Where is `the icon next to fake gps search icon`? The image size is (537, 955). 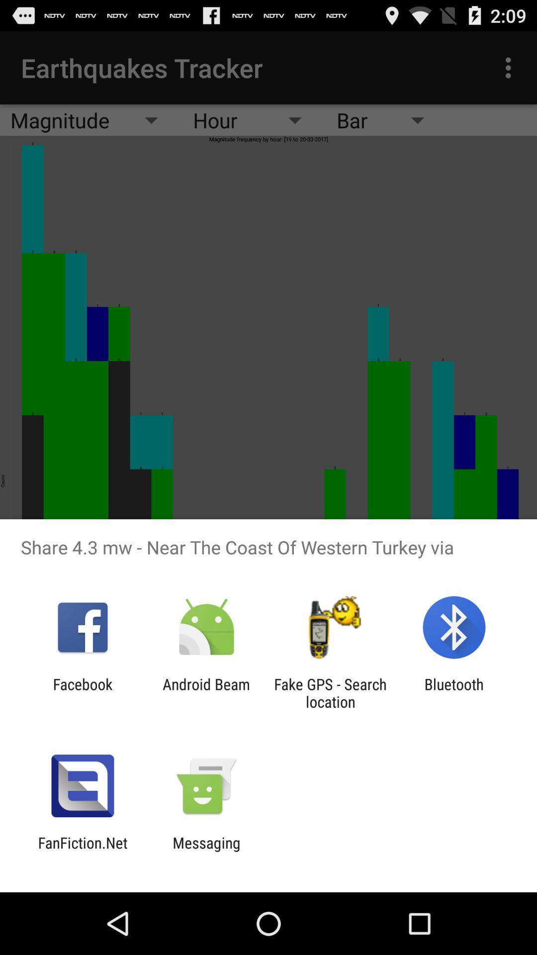 the icon next to fake gps search icon is located at coordinates (206, 692).